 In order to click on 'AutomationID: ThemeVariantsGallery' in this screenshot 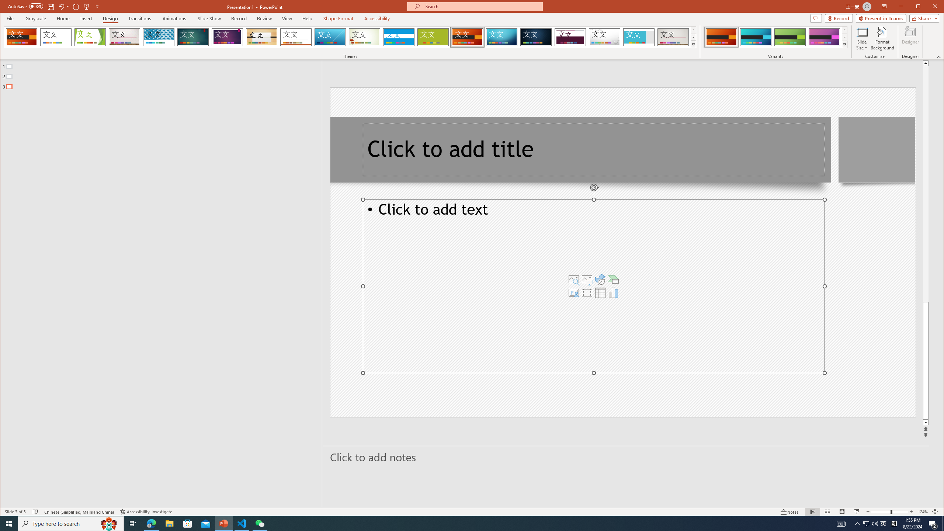, I will do `click(775, 37)`.